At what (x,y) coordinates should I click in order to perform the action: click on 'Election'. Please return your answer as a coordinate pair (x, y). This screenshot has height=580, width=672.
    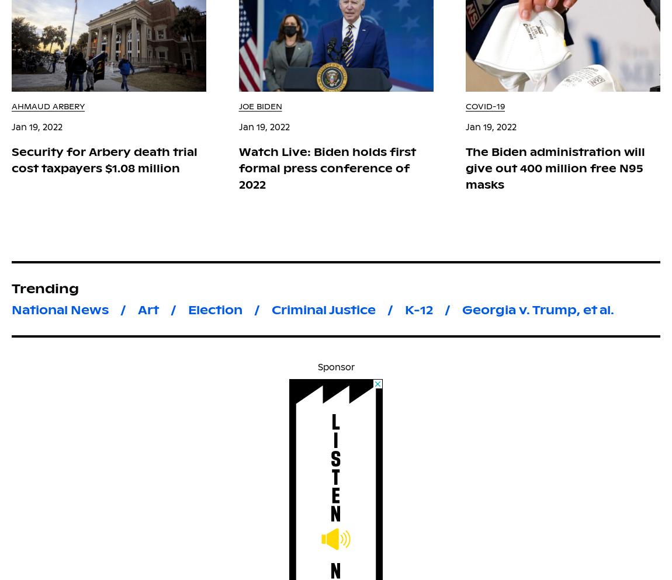
    Looking at the image, I should click on (188, 309).